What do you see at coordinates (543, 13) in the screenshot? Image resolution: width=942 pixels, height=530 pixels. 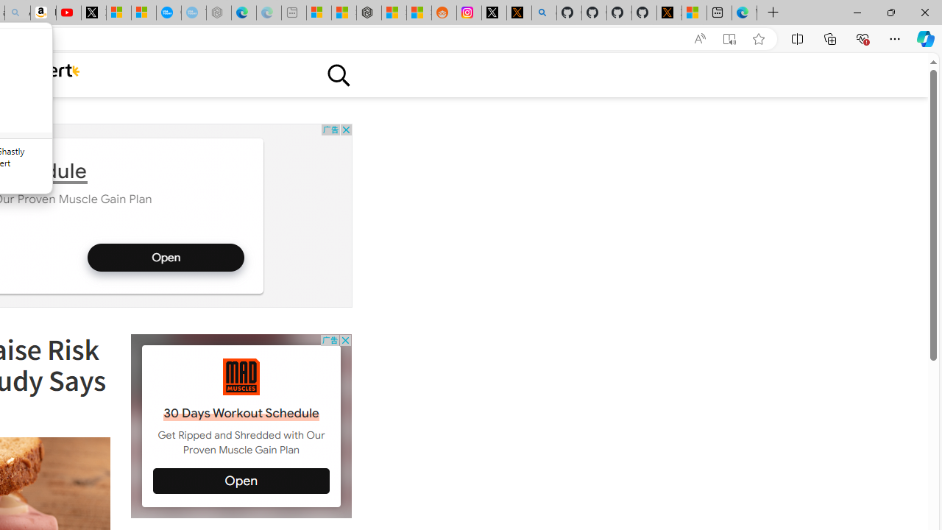 I see `'github - Search'` at bounding box center [543, 13].